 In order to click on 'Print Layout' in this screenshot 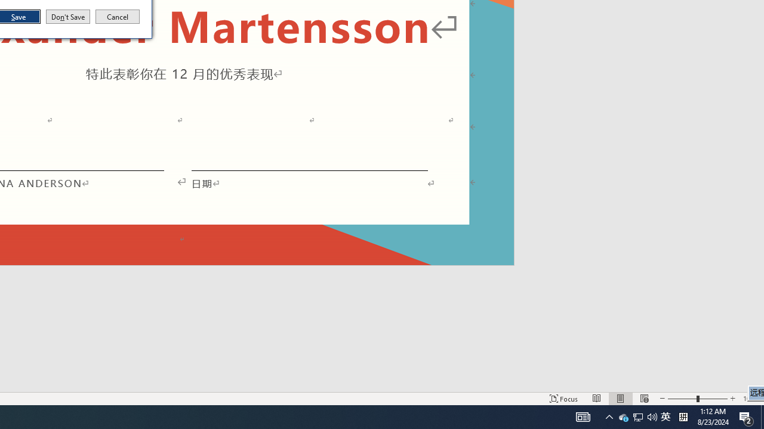, I will do `click(621, 399)`.